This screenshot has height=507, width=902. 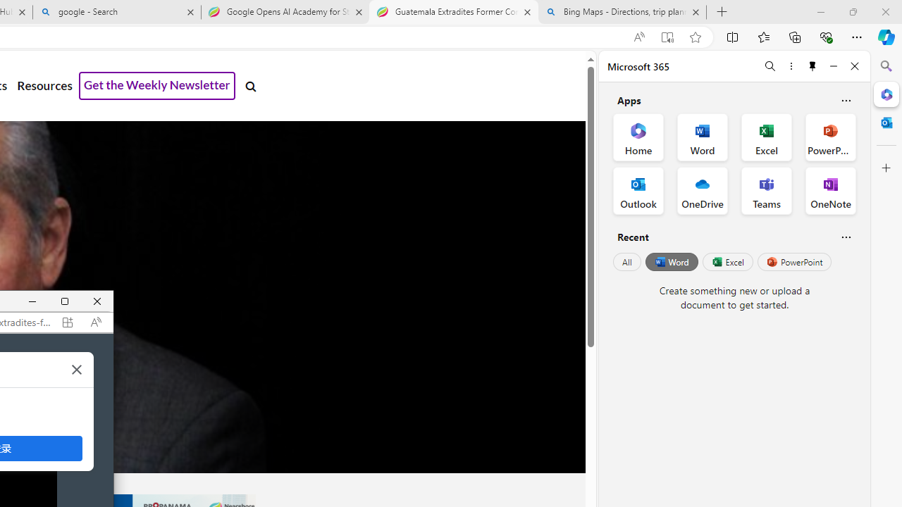 What do you see at coordinates (626, 262) in the screenshot?
I see `'All'` at bounding box center [626, 262].